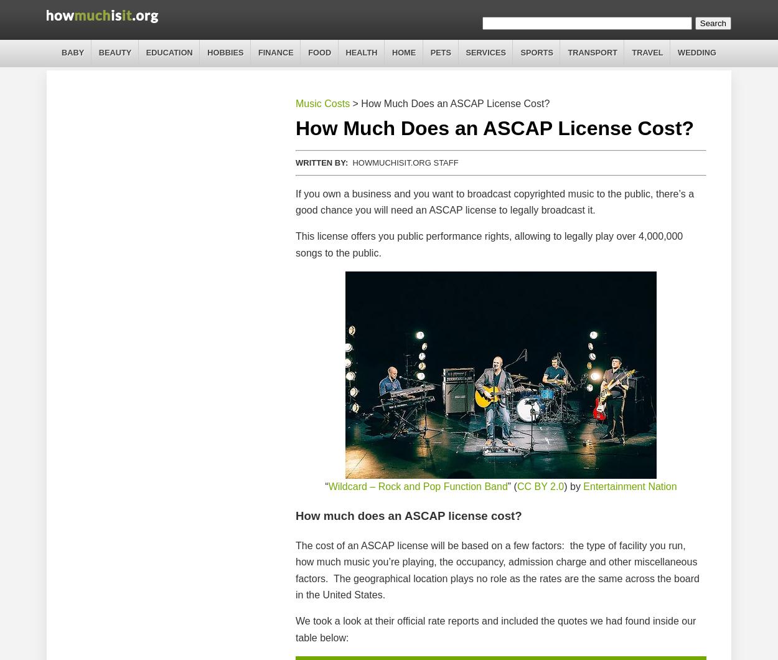  What do you see at coordinates (274, 52) in the screenshot?
I see `'Finance'` at bounding box center [274, 52].